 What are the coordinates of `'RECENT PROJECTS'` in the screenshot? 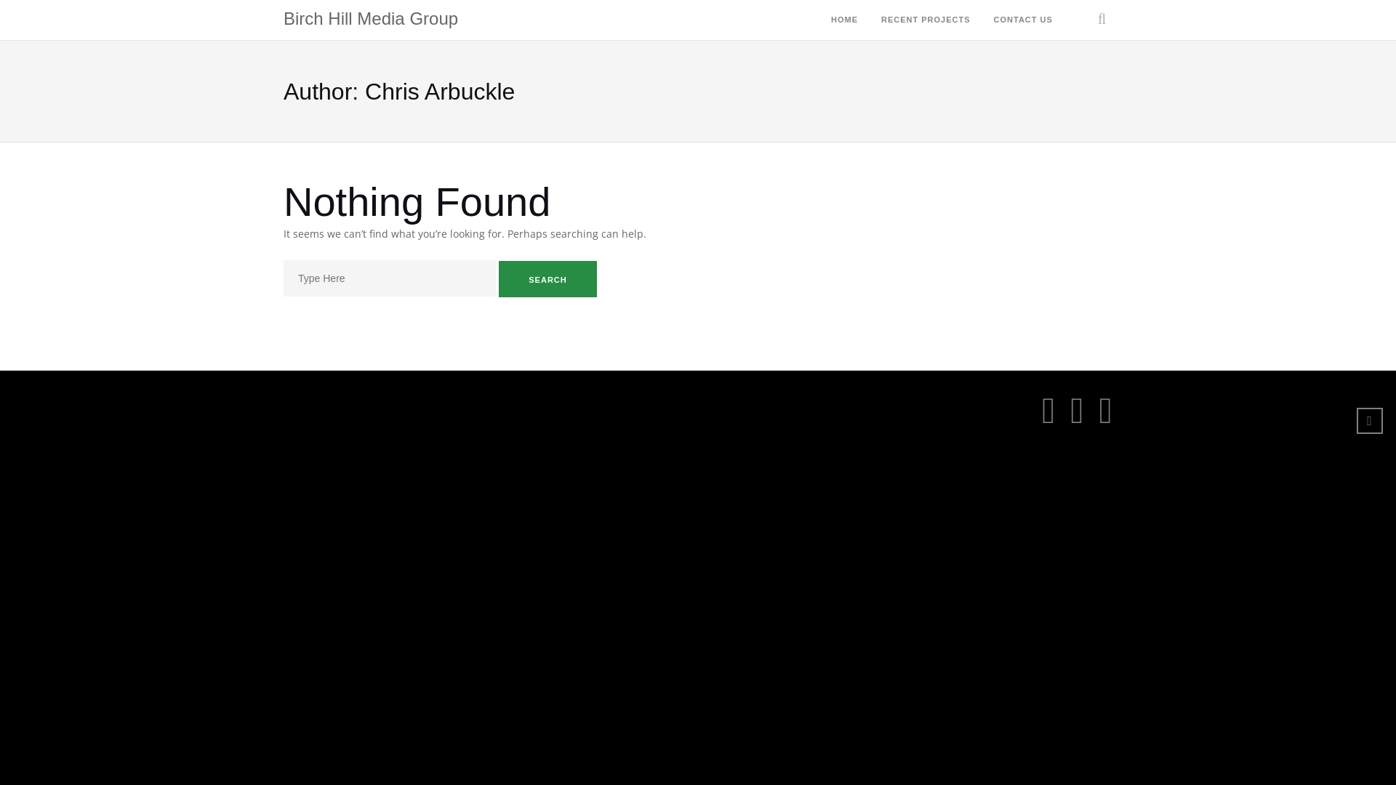 It's located at (925, 20).